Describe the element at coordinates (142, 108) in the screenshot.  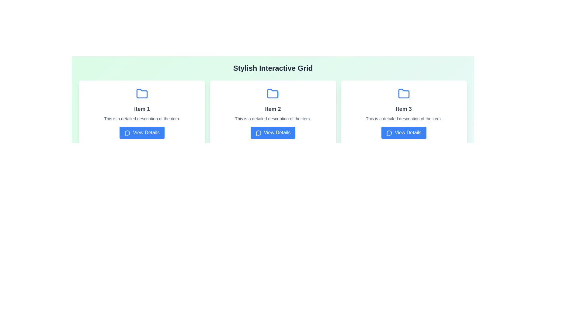
I see `the text label displaying 'Item 1' in bold gray font, located below the blue folder icon in the first card layout` at that location.